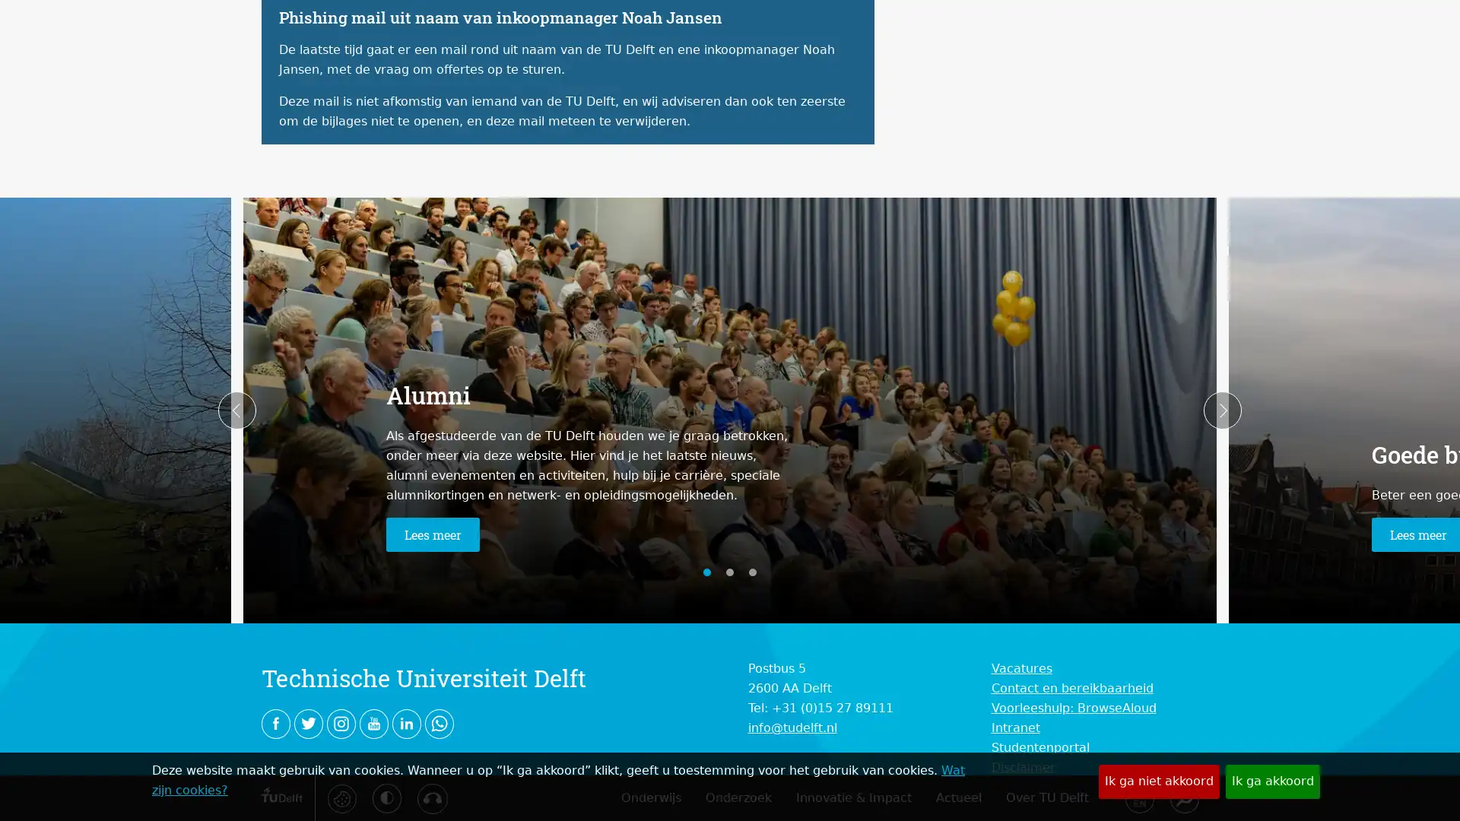 The height and width of the screenshot is (821, 1460). I want to click on Ga naar volgend item, so click(1222, 410).